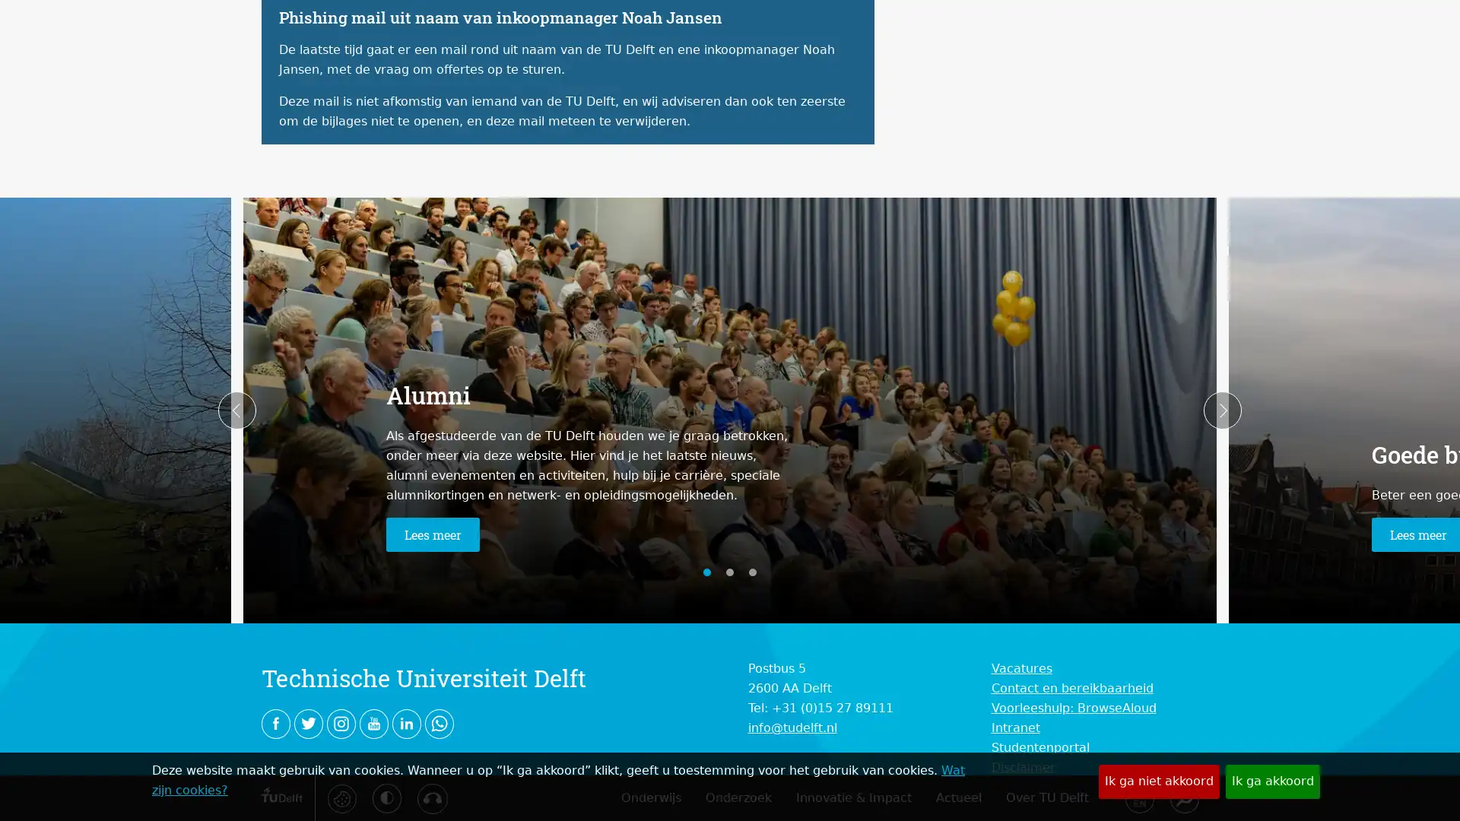 The height and width of the screenshot is (821, 1460). I want to click on Ga naar volgend item, so click(1222, 410).